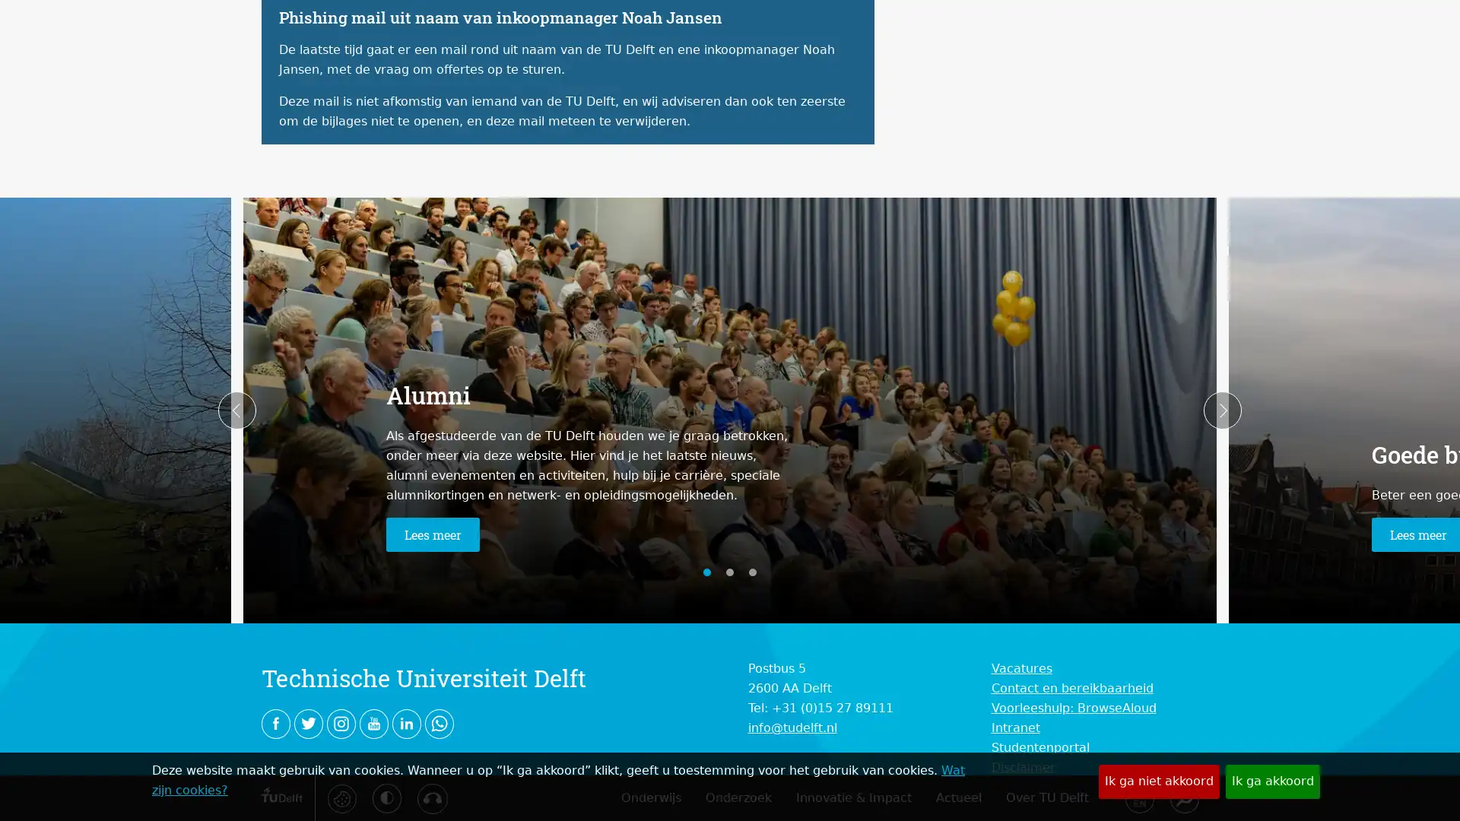 The height and width of the screenshot is (821, 1460). I want to click on Ga naar volgend item, so click(1222, 410).